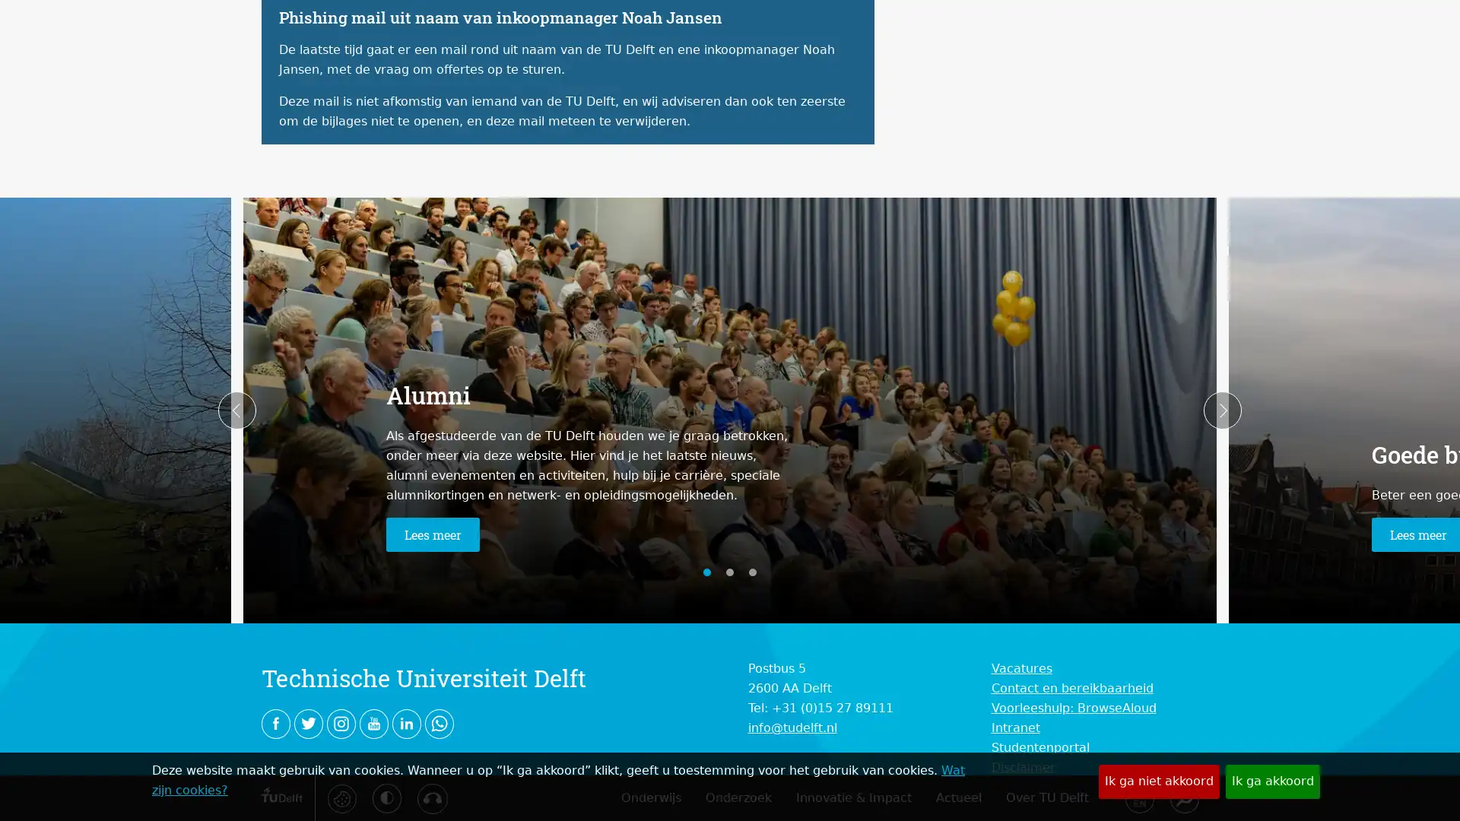 The height and width of the screenshot is (821, 1460). I want to click on Ga naar volgend item, so click(1222, 410).